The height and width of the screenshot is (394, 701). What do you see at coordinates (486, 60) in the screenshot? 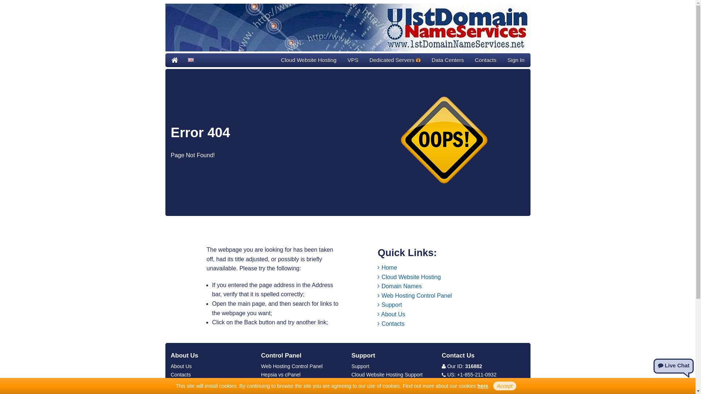
I see `'Contacts'` at bounding box center [486, 60].